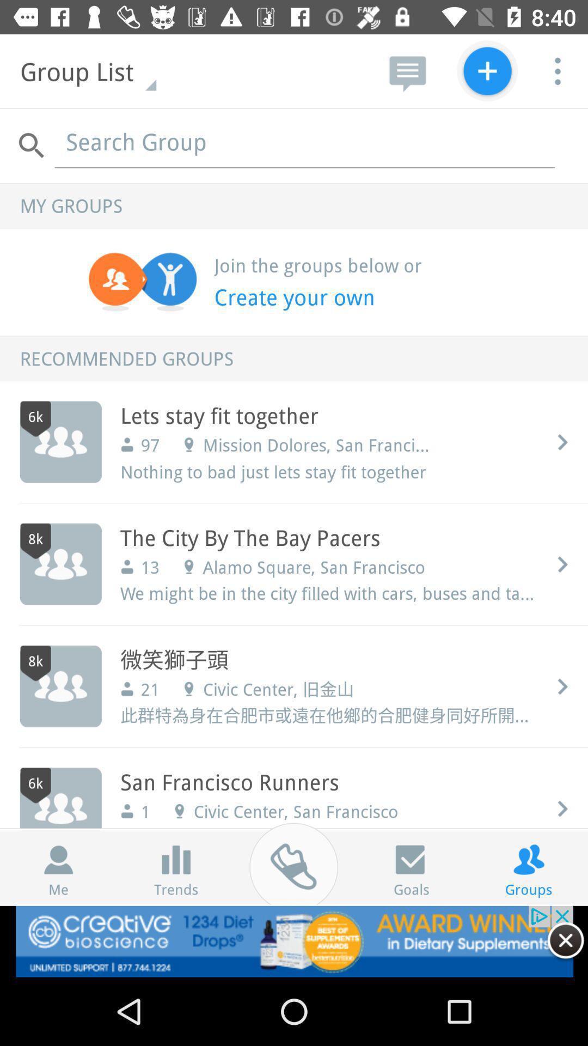  Describe the element at coordinates (487, 70) in the screenshot. I see `the add icon` at that location.